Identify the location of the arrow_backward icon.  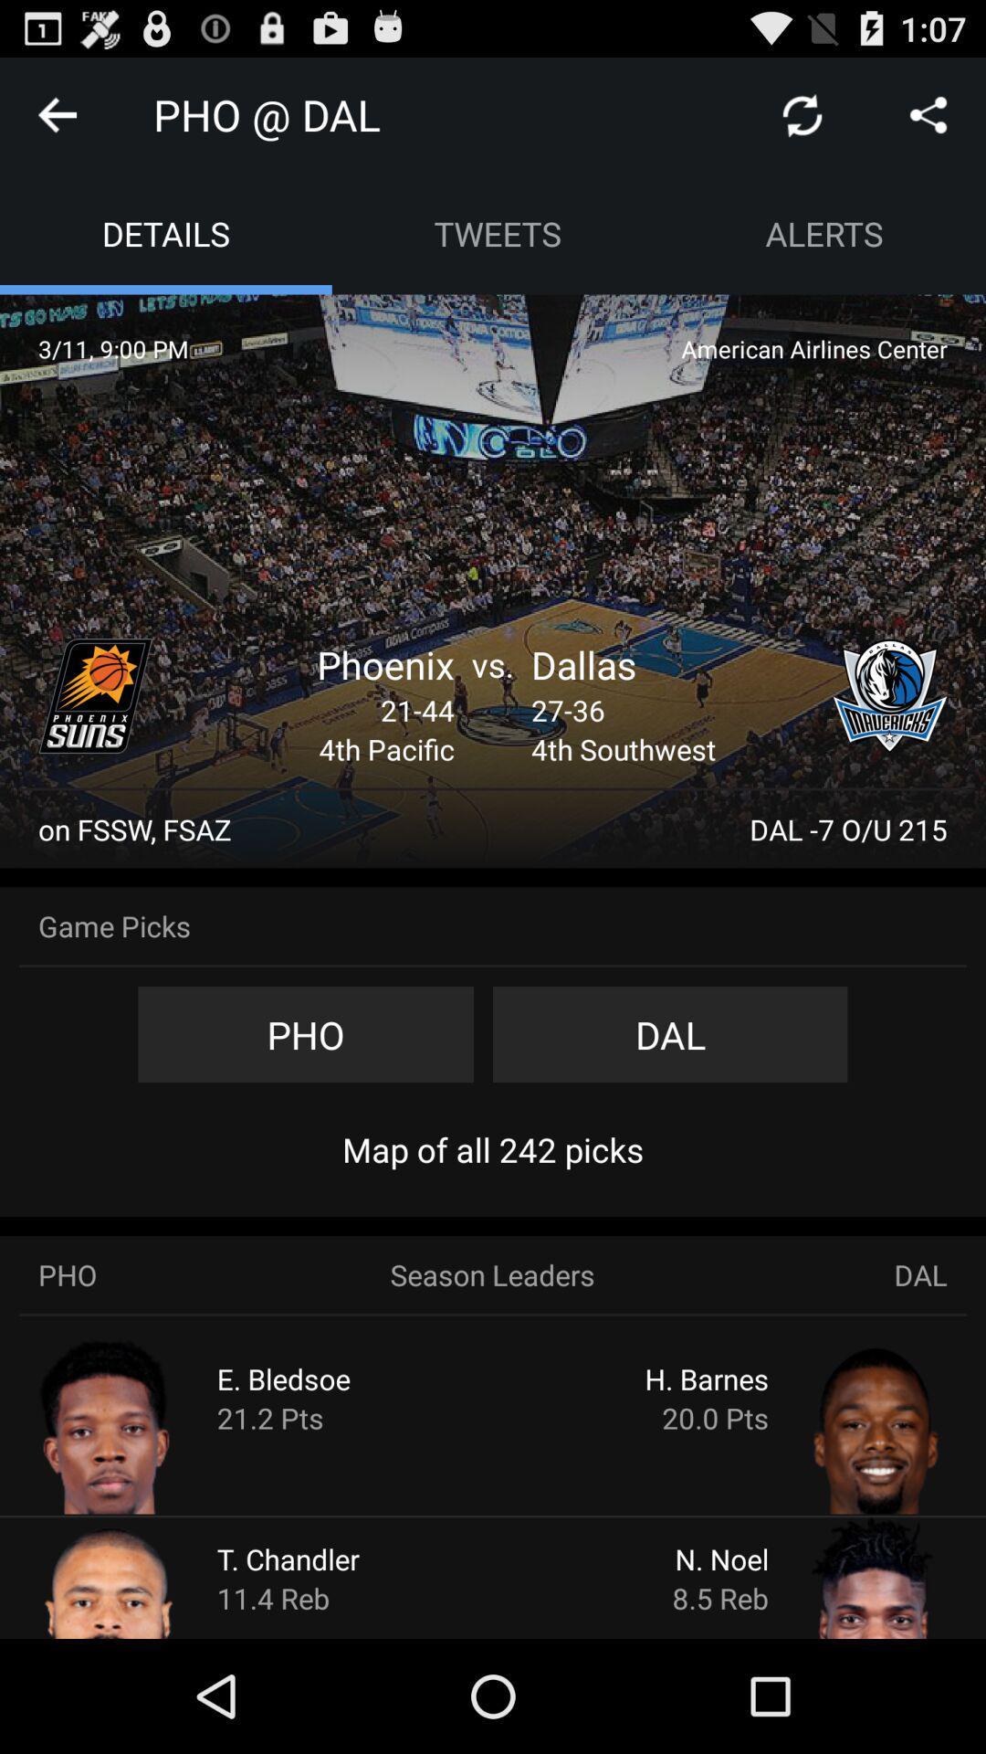
(56, 122).